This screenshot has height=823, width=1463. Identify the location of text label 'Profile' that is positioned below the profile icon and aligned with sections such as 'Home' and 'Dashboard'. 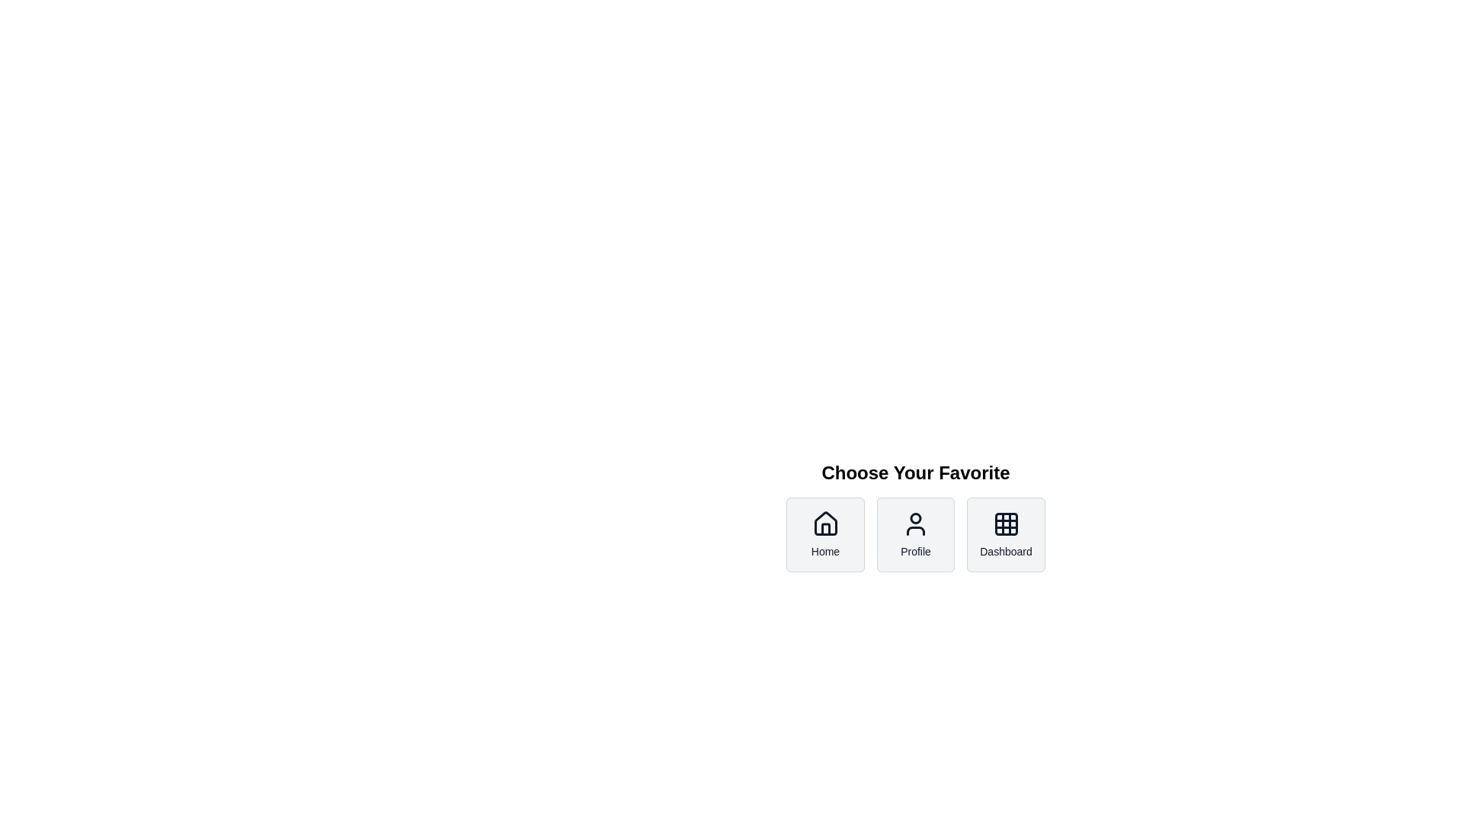
(914, 552).